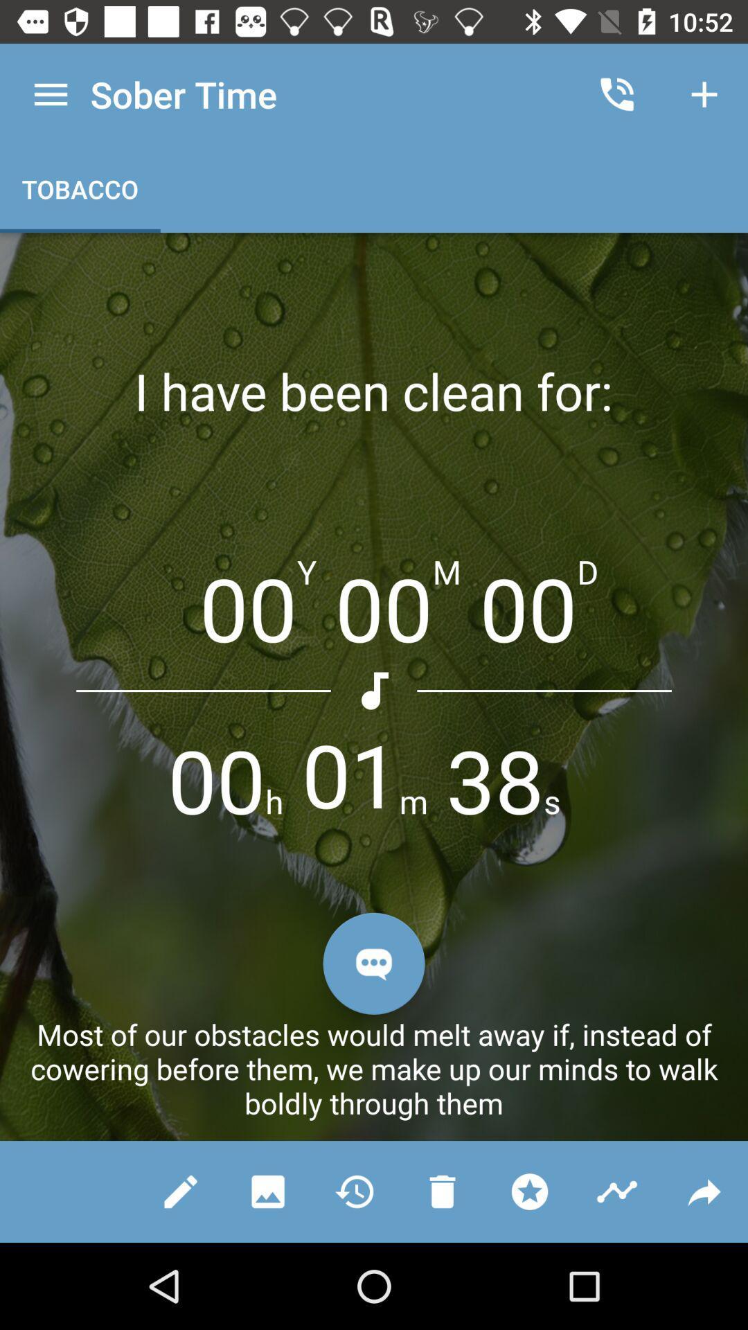  What do you see at coordinates (616, 94) in the screenshot?
I see `icon next to the   sober time app` at bounding box center [616, 94].